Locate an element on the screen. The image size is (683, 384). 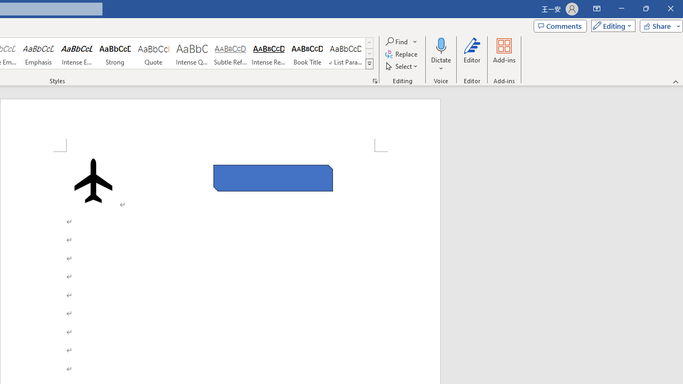
'Close' is located at coordinates (670, 9).